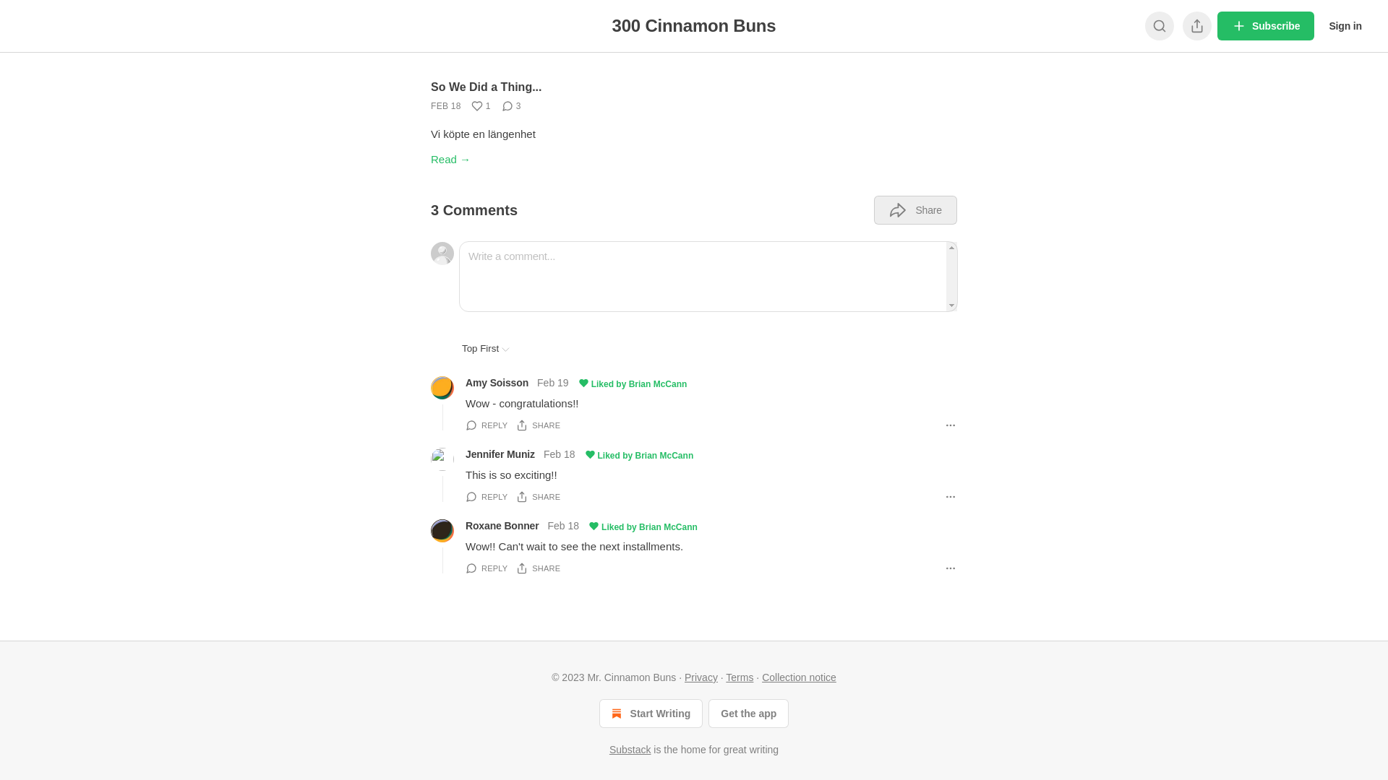 This screenshot has width=1388, height=780. Describe the element at coordinates (914, 209) in the screenshot. I see `'Share'` at that location.